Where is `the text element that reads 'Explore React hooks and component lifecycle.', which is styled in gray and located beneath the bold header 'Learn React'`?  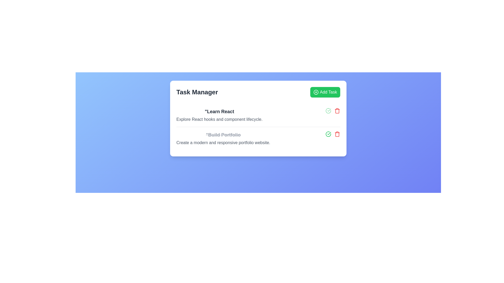 the text element that reads 'Explore React hooks and component lifecycle.', which is styled in gray and located beneath the bold header 'Learn React' is located at coordinates (219, 119).